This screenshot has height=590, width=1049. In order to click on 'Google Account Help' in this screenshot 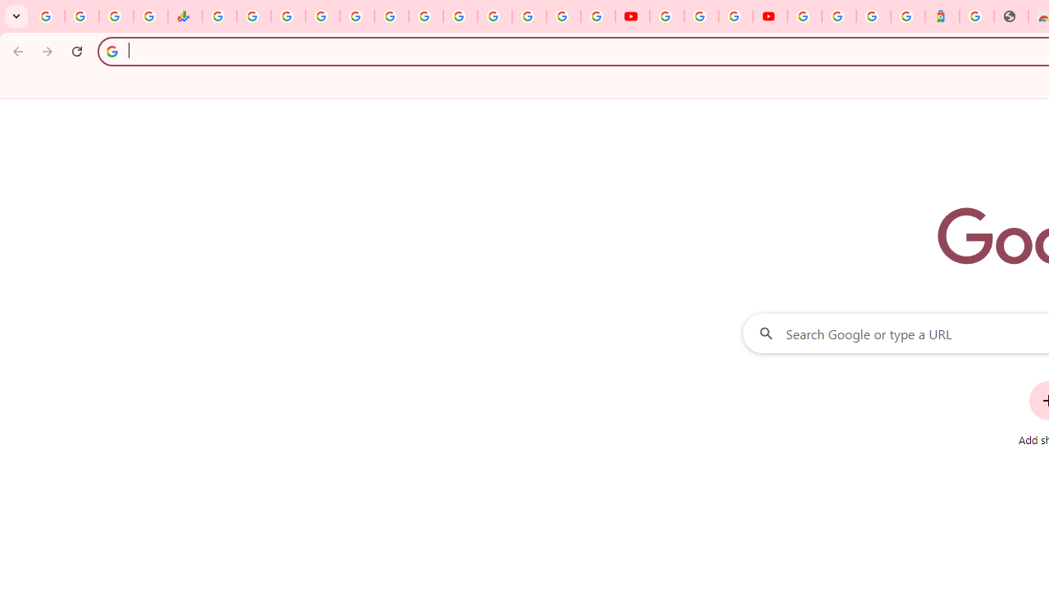, I will do `click(701, 16)`.